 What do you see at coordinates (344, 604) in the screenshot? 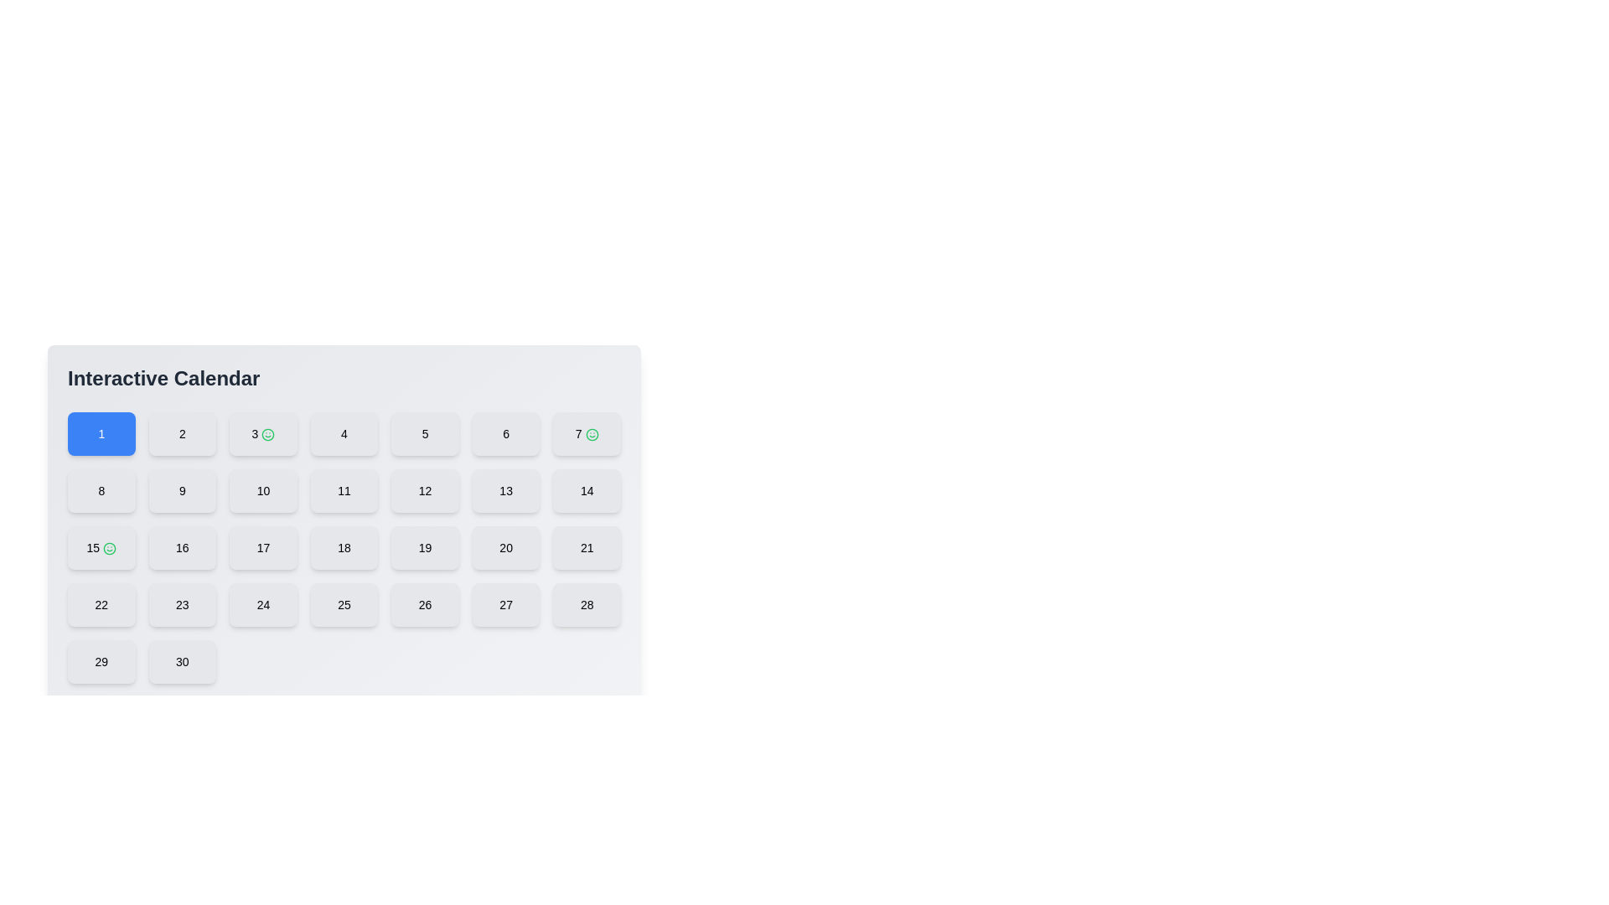
I see `the rounded rectangular button with the number '25' displayed in black font` at bounding box center [344, 604].